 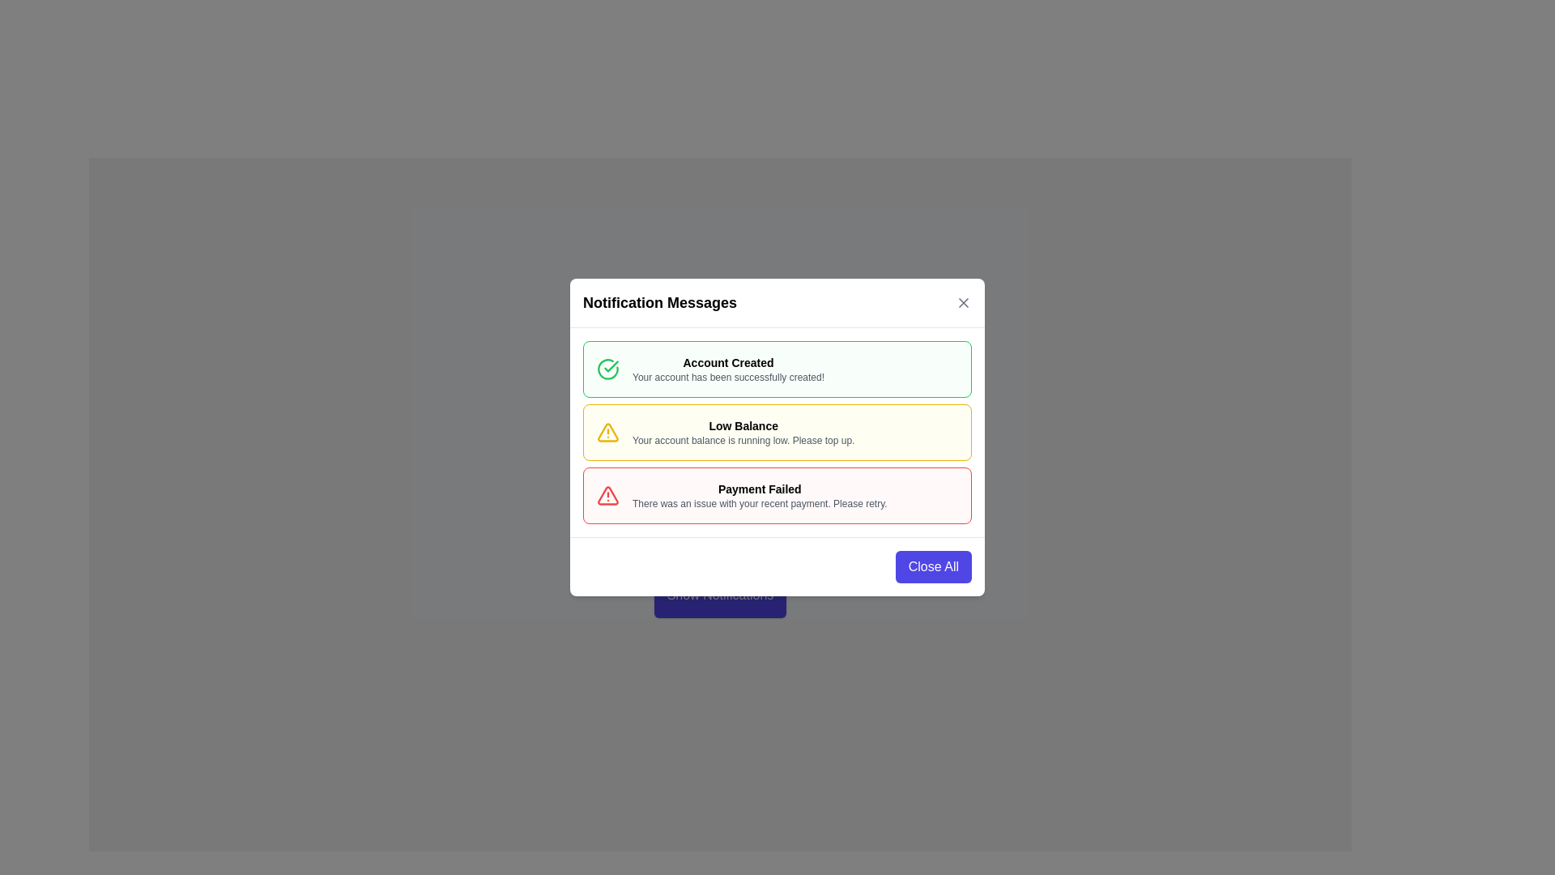 What do you see at coordinates (727, 378) in the screenshot?
I see `the text label displaying 'Your account has been successfully created!' located below the 'Account Created' title in the green notification box` at bounding box center [727, 378].